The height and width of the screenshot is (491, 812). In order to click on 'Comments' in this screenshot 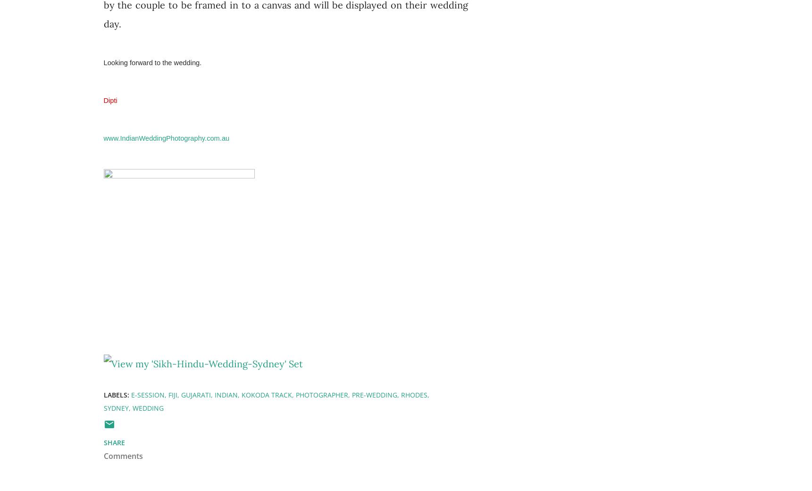, I will do `click(103, 456)`.